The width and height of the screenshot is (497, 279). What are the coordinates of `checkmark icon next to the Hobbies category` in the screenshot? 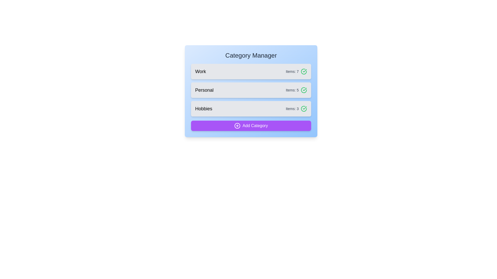 It's located at (304, 108).